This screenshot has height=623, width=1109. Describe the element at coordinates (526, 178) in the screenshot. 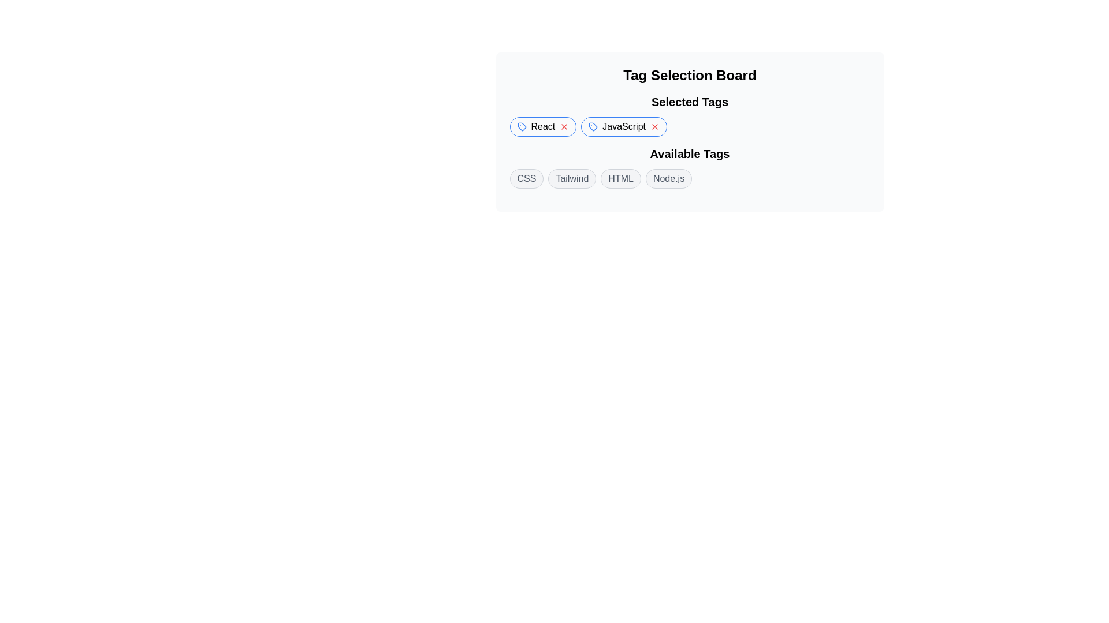

I see `the pill-shaped button labeled 'CSS' with a soft gray background and dark gray text, located in the 'Available Tags' section as the first button in a row of four` at that location.